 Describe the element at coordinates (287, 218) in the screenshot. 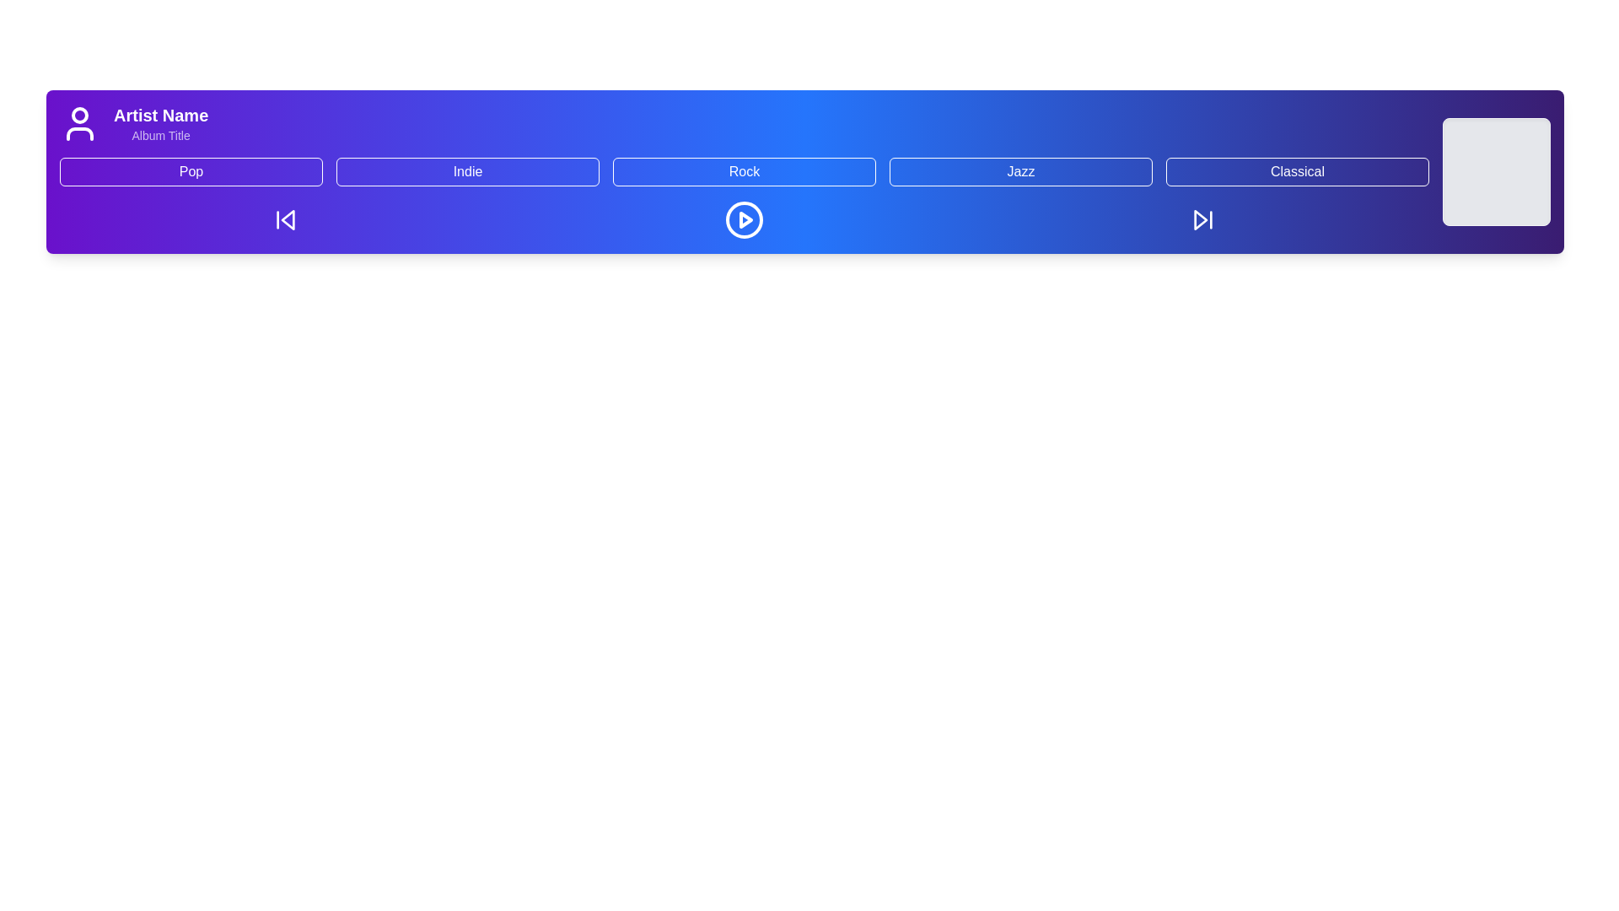

I see `the triangular left arrow button within a circular boundary` at that location.